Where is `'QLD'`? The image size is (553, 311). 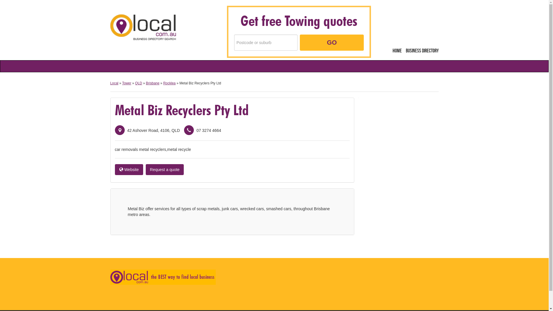
'QLD' is located at coordinates (138, 83).